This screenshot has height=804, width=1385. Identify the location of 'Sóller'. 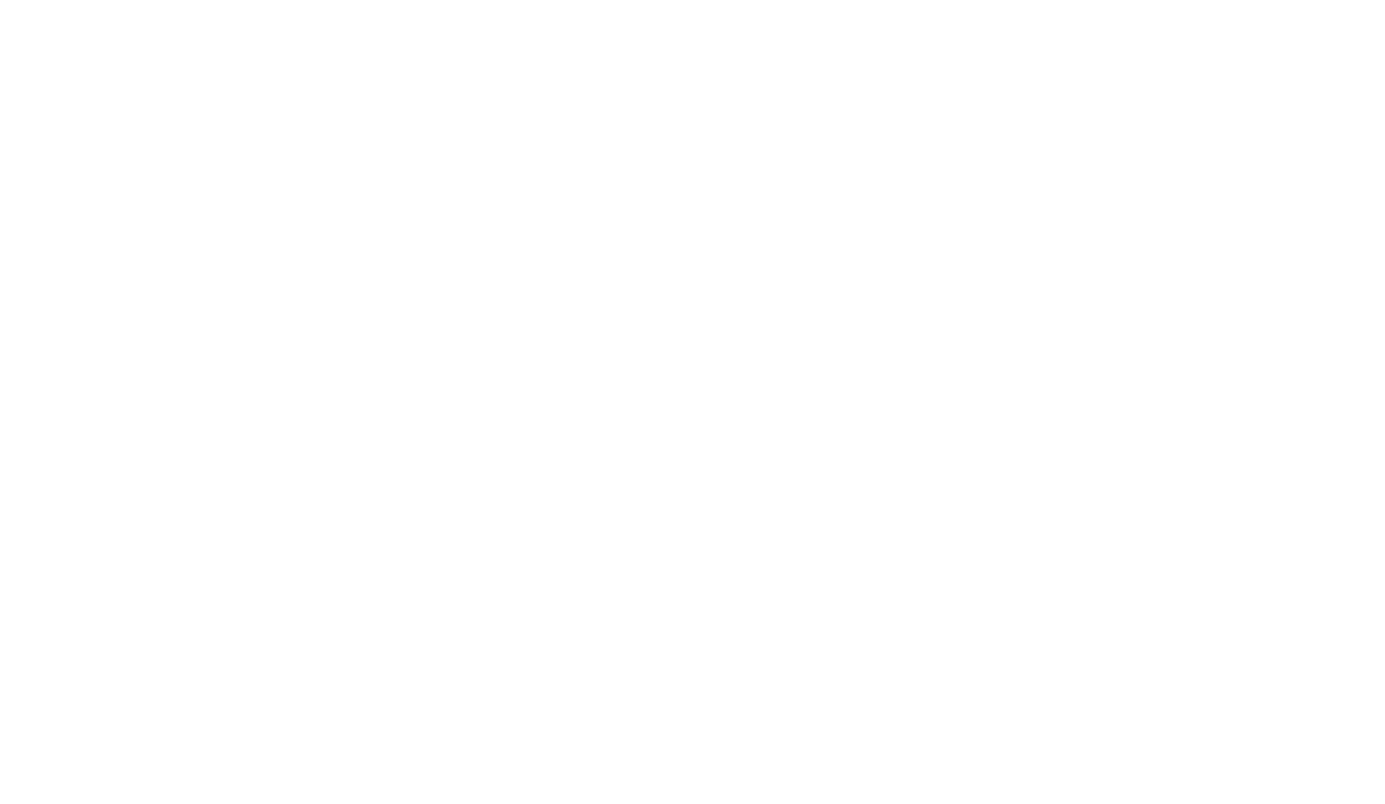
(691, 365).